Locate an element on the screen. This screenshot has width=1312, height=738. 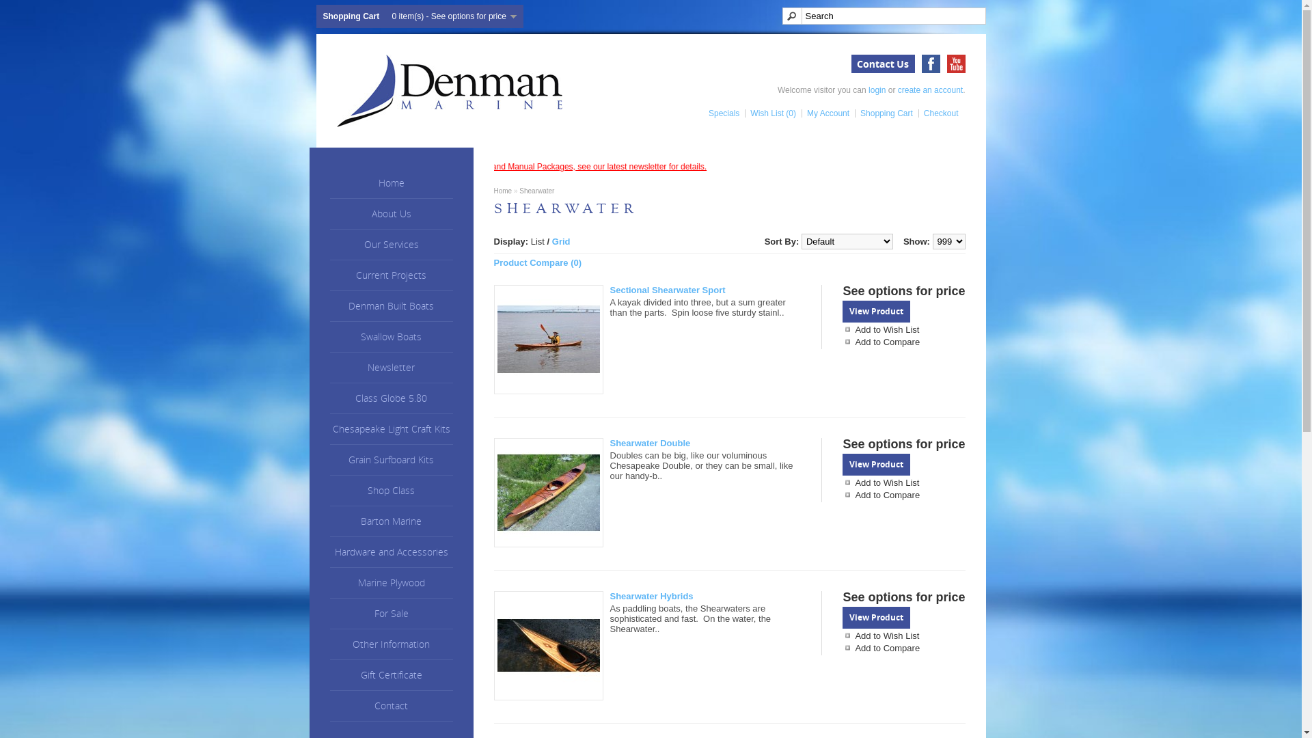
'Hardware and Accessories' is located at coordinates (389, 551).